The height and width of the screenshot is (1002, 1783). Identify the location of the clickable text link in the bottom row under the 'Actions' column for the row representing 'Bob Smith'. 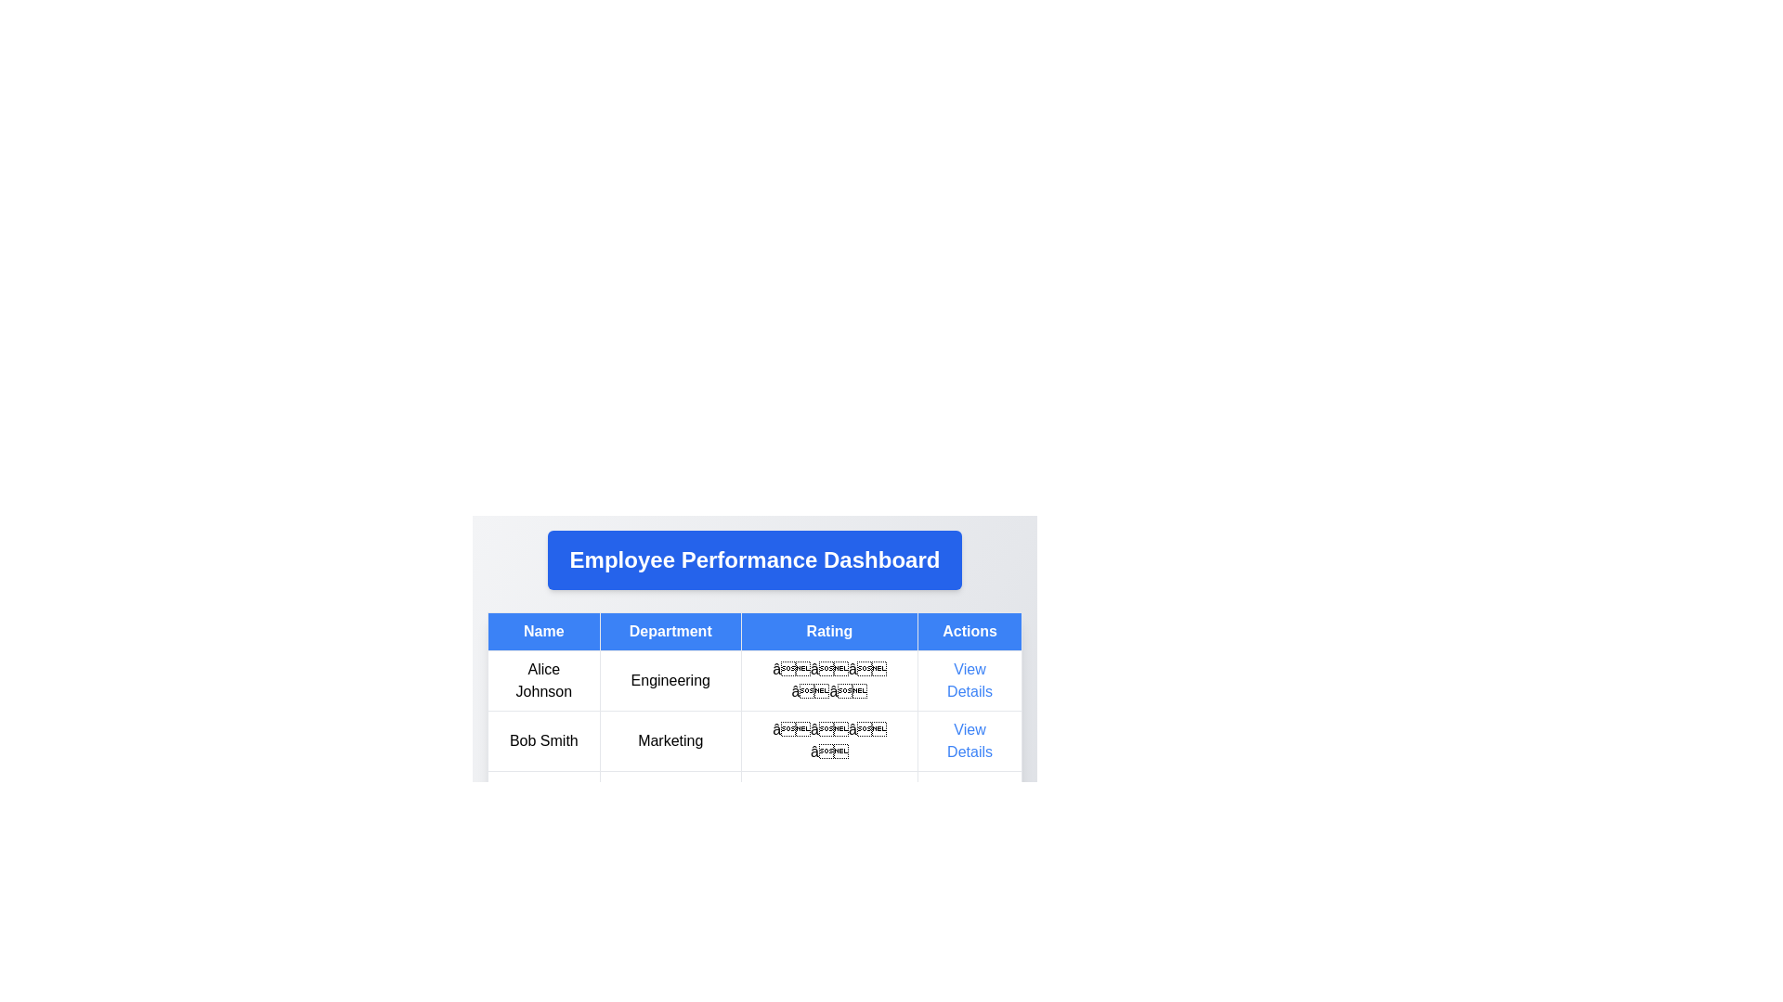
(969, 739).